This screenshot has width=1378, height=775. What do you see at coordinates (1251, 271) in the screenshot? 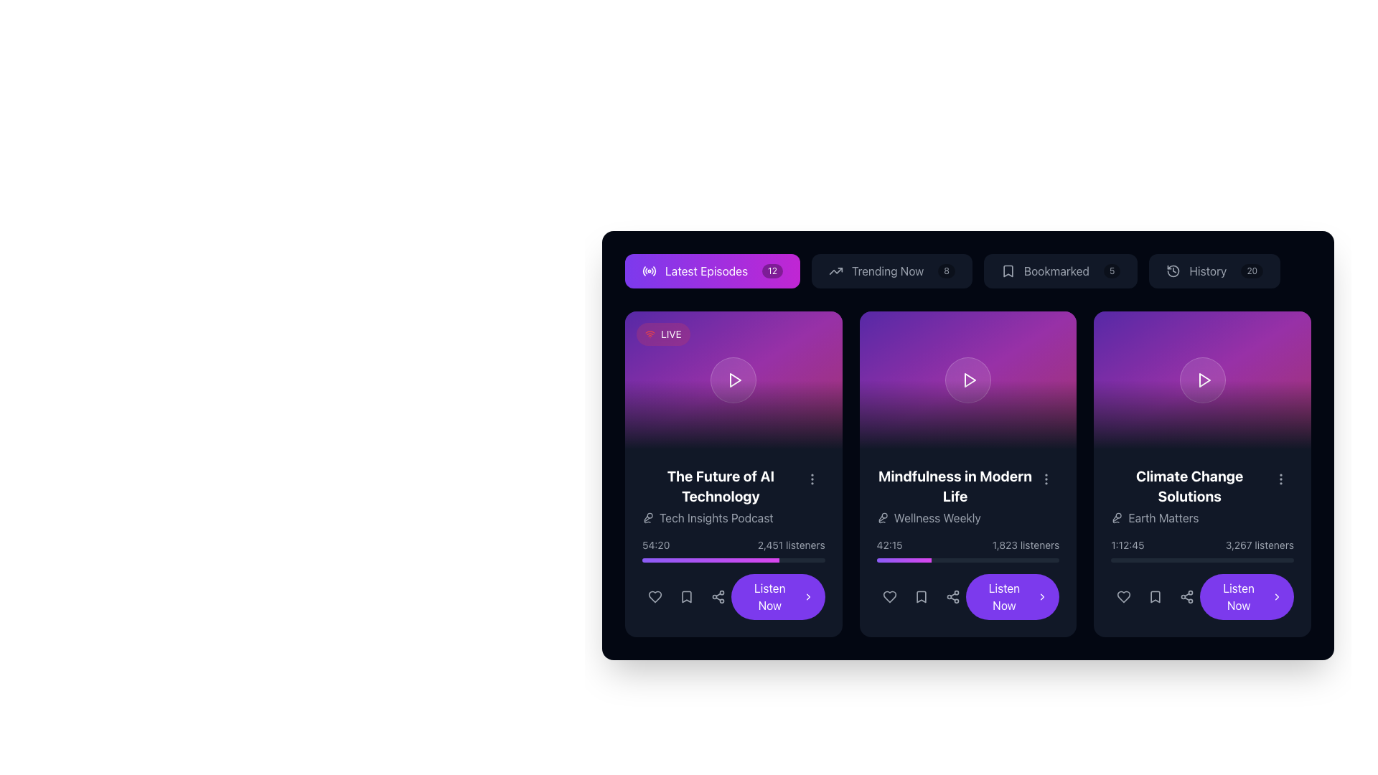
I see `the Indicator Badge at the far right end of the 'History' button in the navigation menu, which represents a count or quantity associated with history` at bounding box center [1251, 271].